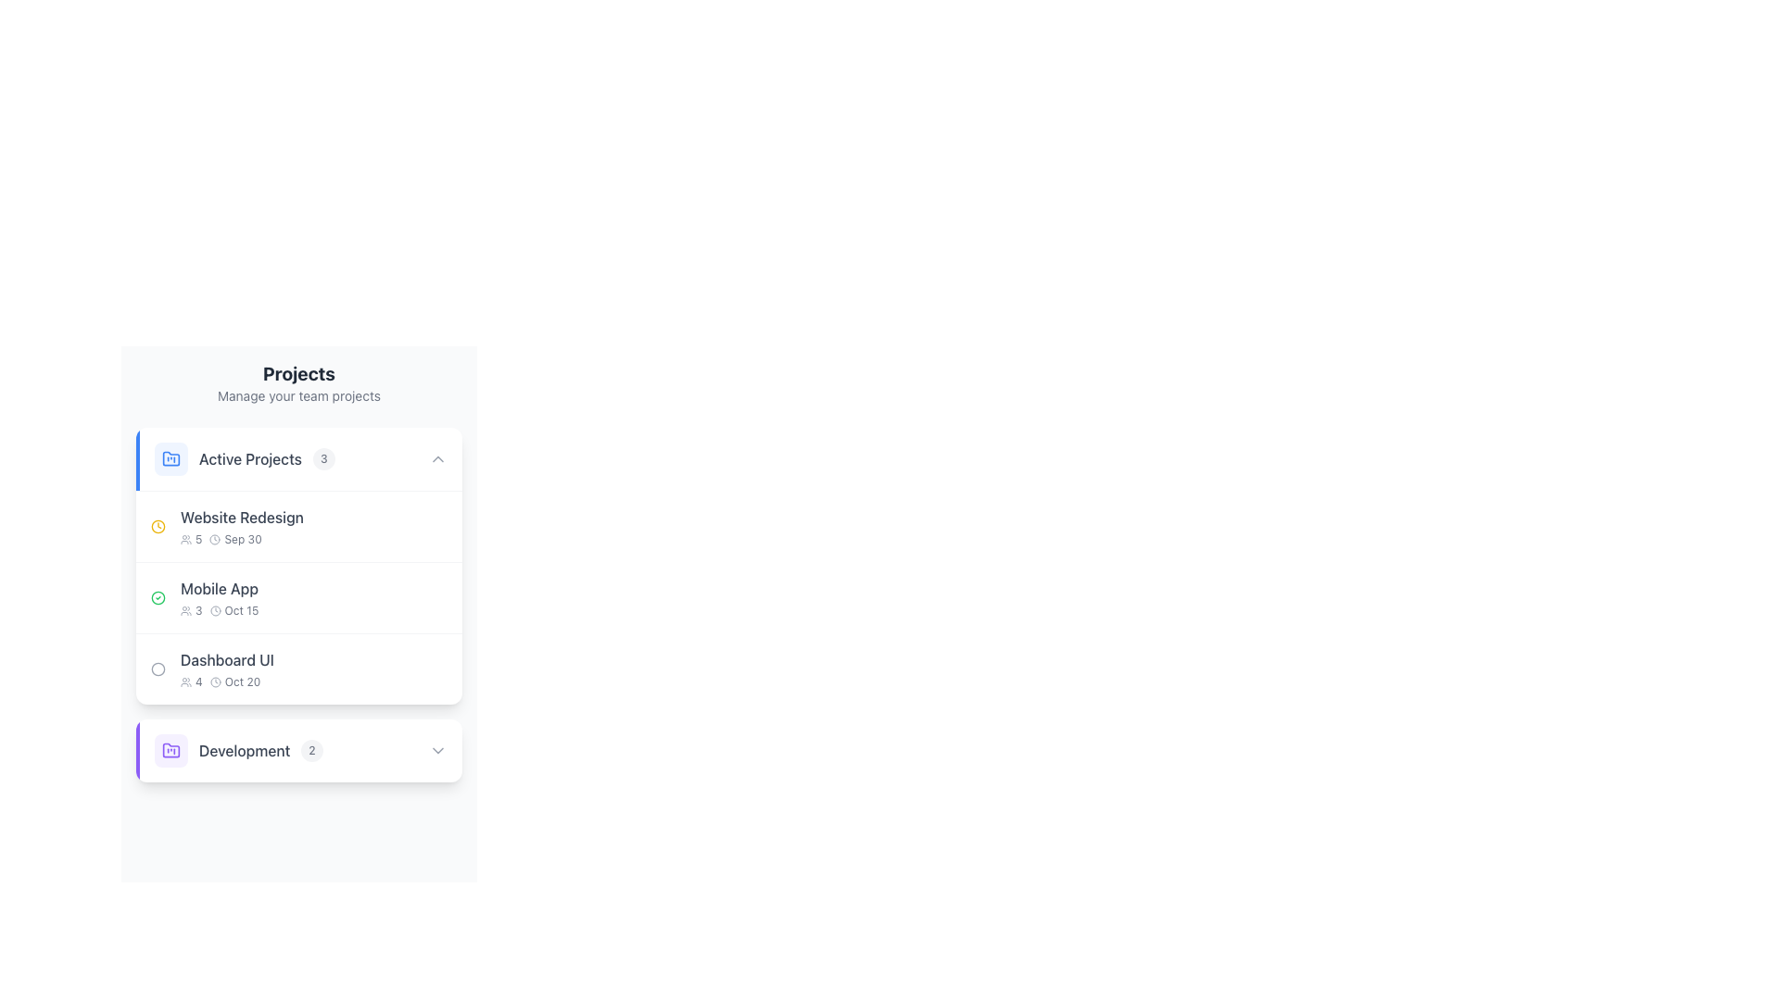 The width and height of the screenshot is (1779, 1000). I want to click on the label for the project named 'Dashboard UI', which is the third item under 'Active Projects' in the project list, so click(225, 669).